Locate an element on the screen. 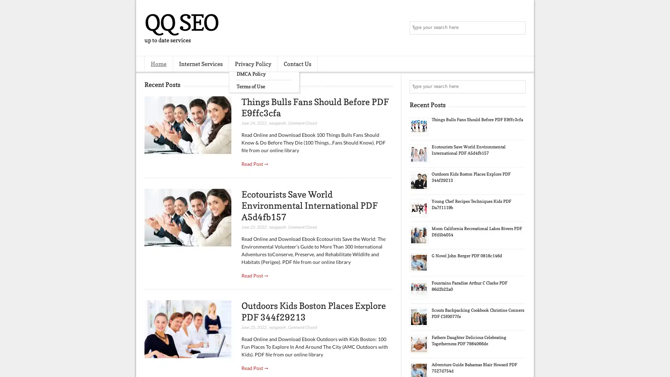 The width and height of the screenshot is (670, 377). Search is located at coordinates (518, 87).